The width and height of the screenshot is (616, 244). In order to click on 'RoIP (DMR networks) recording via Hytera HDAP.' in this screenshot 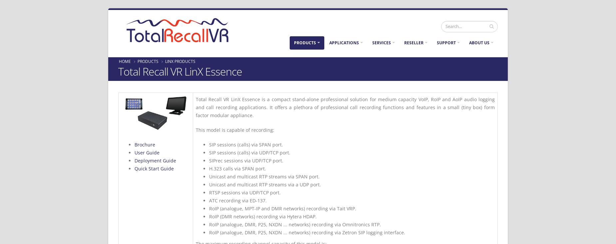, I will do `click(262, 216)`.